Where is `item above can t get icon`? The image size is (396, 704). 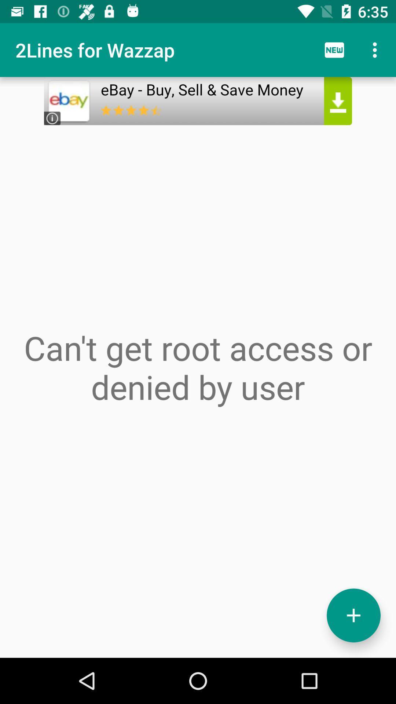 item above can t get icon is located at coordinates (198, 126).